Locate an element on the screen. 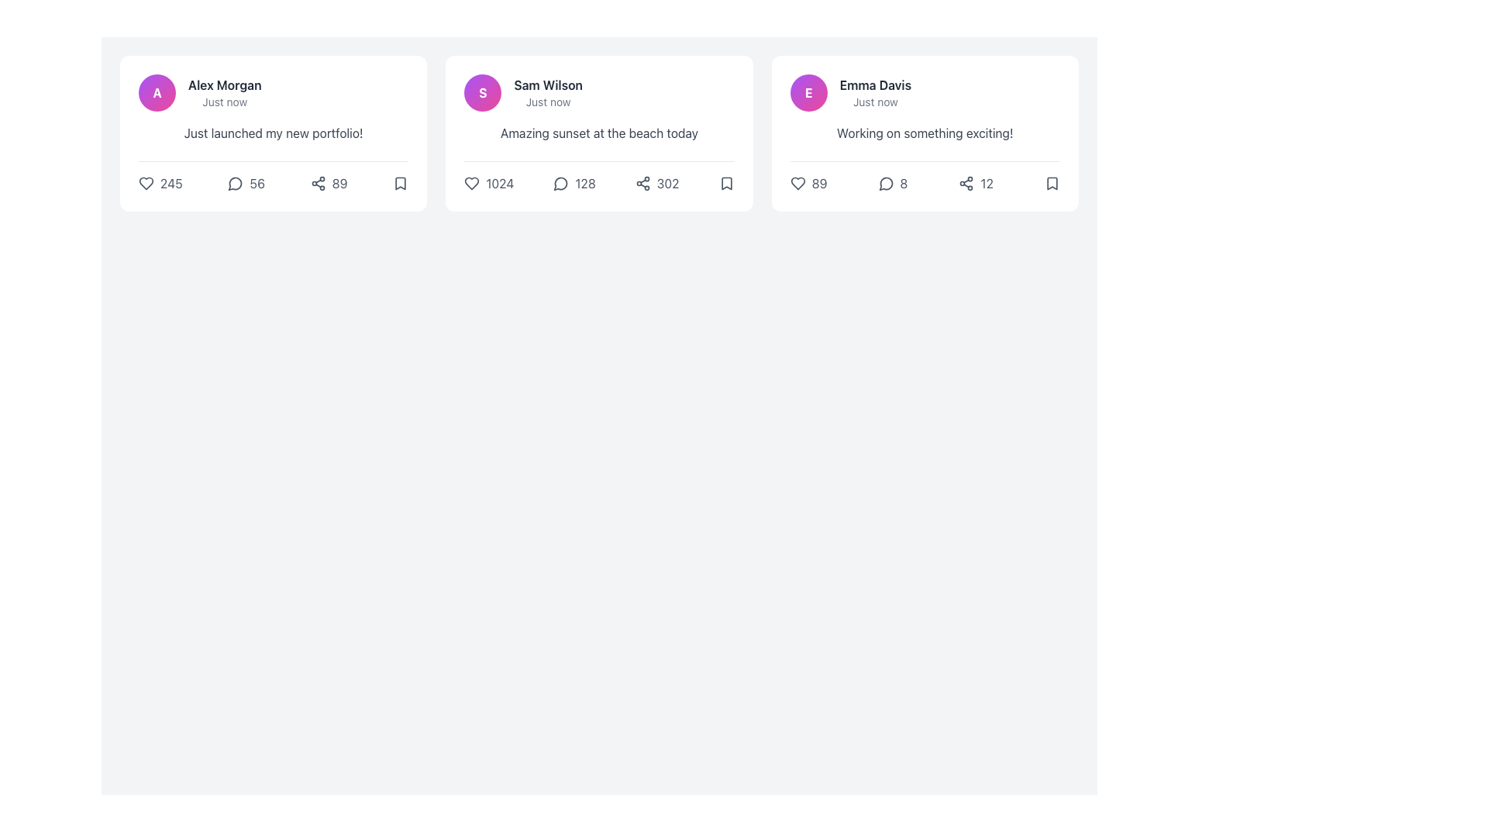 The width and height of the screenshot is (1488, 837). the share icon button, which resembles a network diagram with interconnected circular nodes, located near the bottom right of the third card in a horizontally arranged list is located at coordinates (966, 182).